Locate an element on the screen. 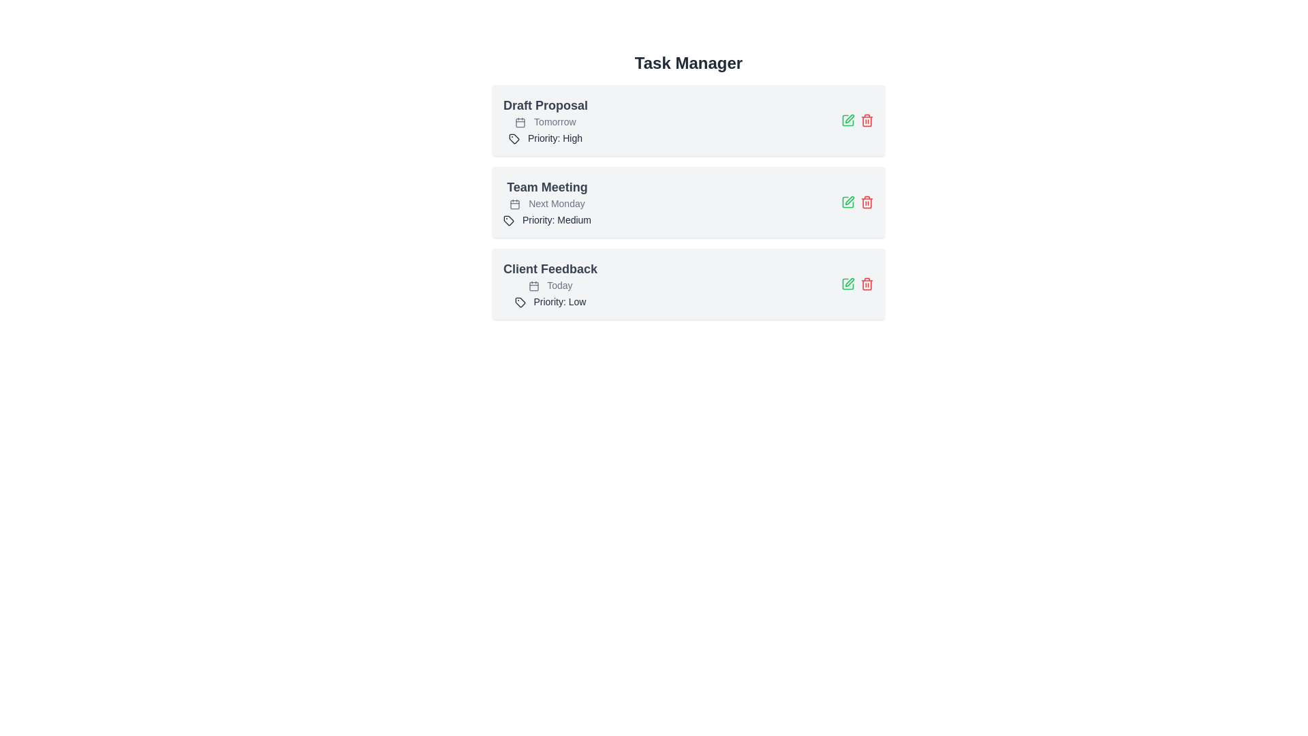 The width and height of the screenshot is (1308, 736). the Vector Icon with a diagonal split located in the 'Client Feedback' task item, positioned to the left of the 'Priority: Low' tag is located at coordinates (519, 302).